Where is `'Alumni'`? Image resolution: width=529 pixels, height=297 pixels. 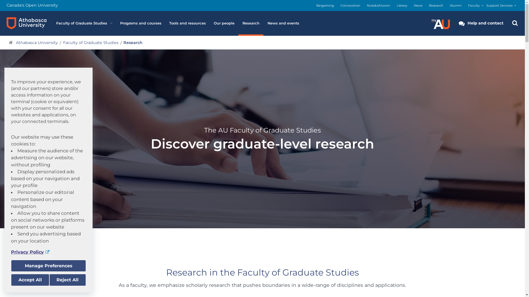
'Alumni' is located at coordinates (456, 5).